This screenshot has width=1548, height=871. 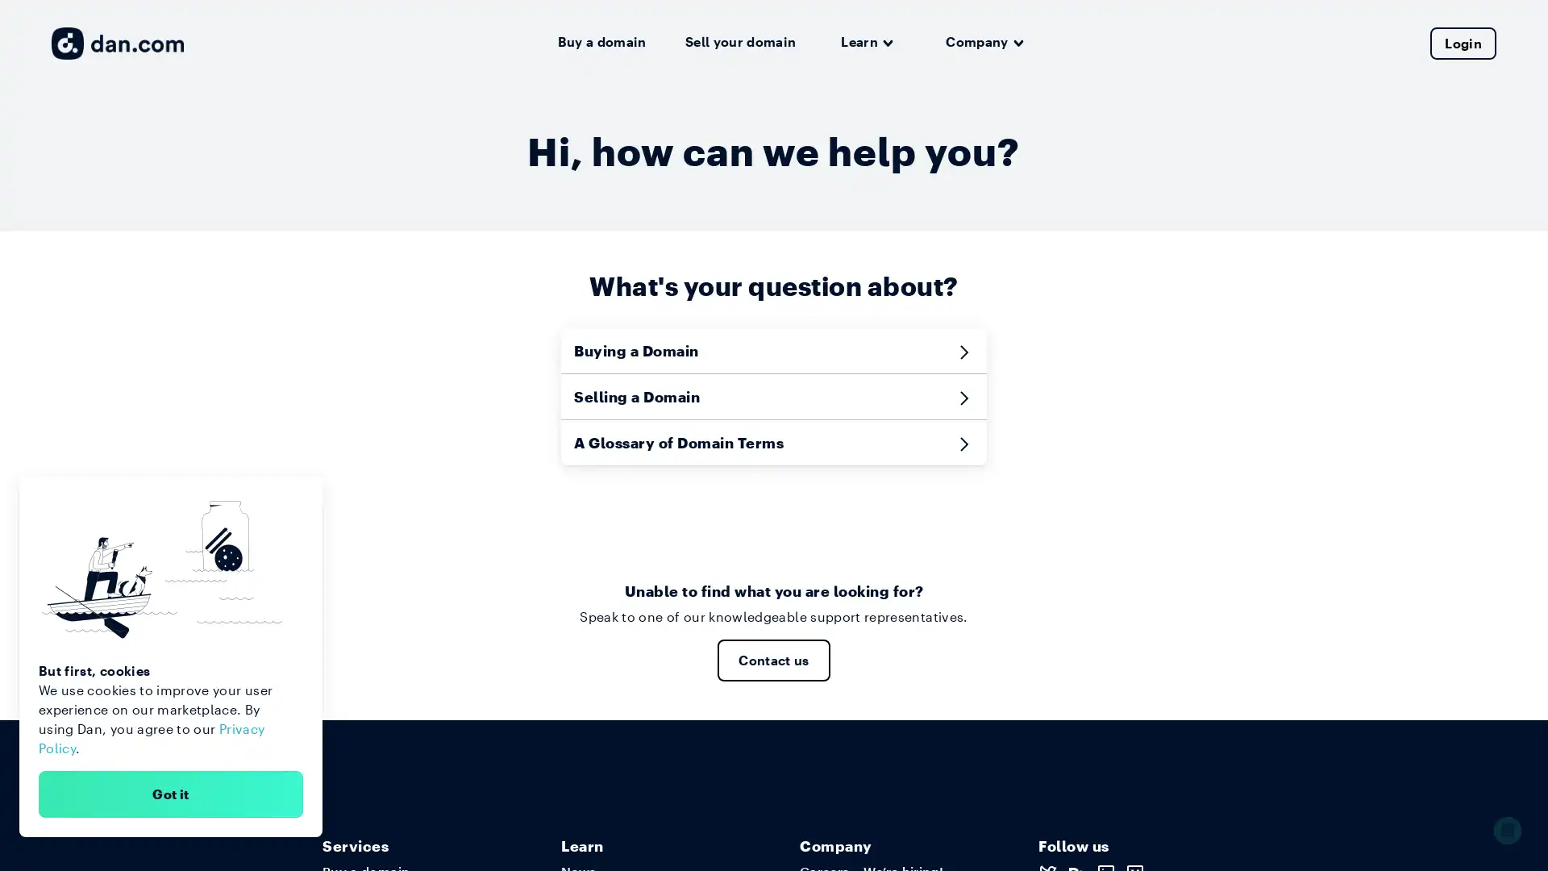 I want to click on Company, so click(x=984, y=42).